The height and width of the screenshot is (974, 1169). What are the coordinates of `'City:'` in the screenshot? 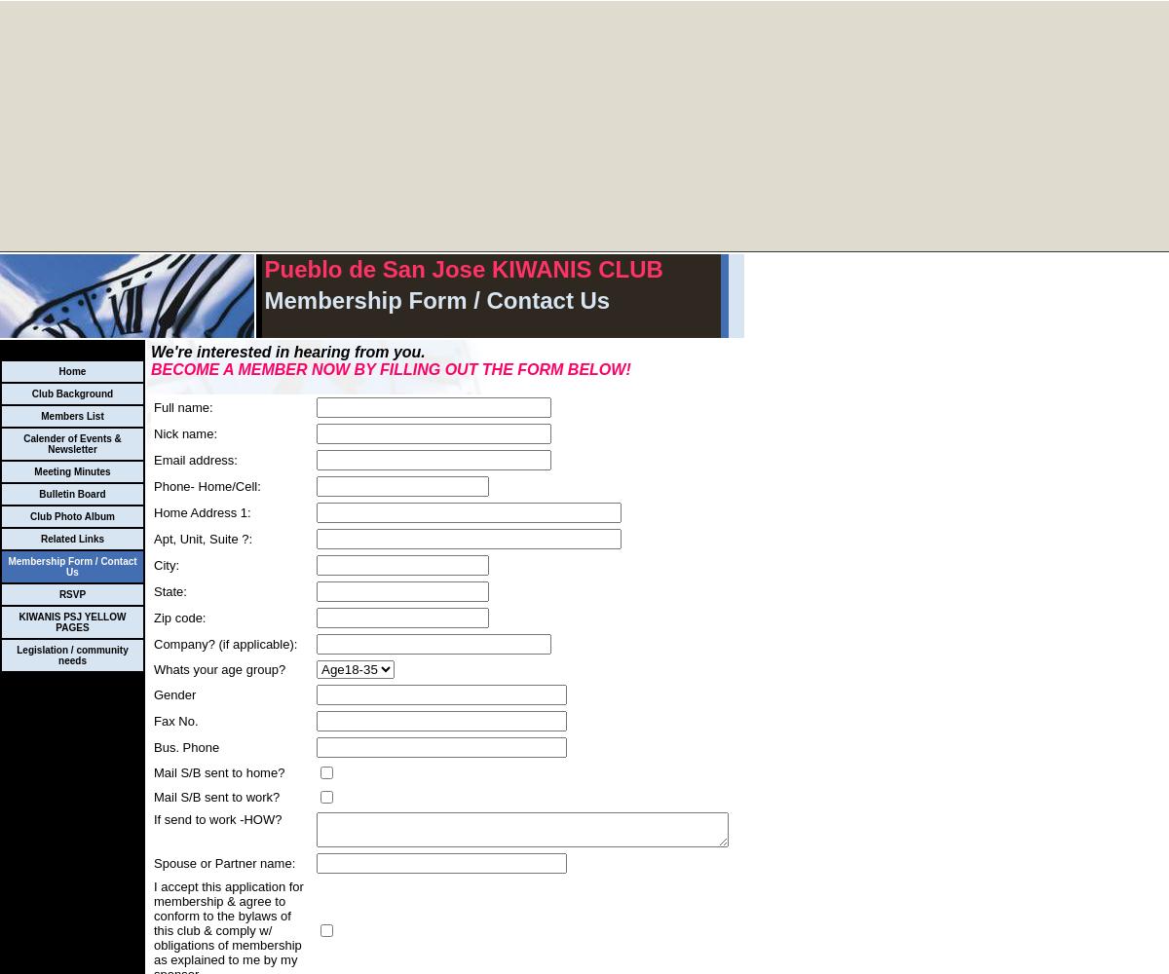 It's located at (165, 564).